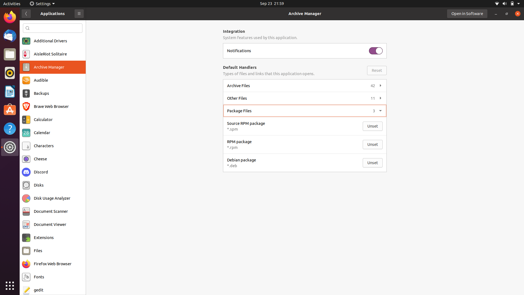 The height and width of the screenshot is (295, 524). What do you see at coordinates (373, 144) in the screenshot?
I see `unset rpm package` at bounding box center [373, 144].